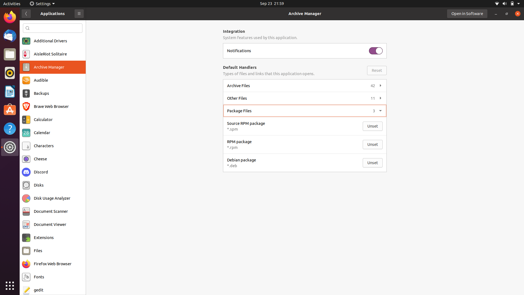 The height and width of the screenshot is (295, 524). What do you see at coordinates (373, 144) in the screenshot?
I see `unset rpm package` at bounding box center [373, 144].